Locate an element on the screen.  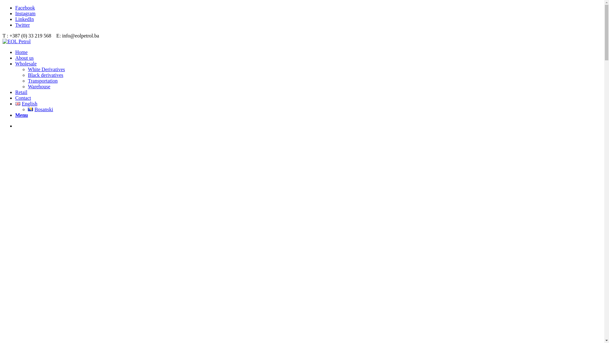
'English' is located at coordinates (15, 103).